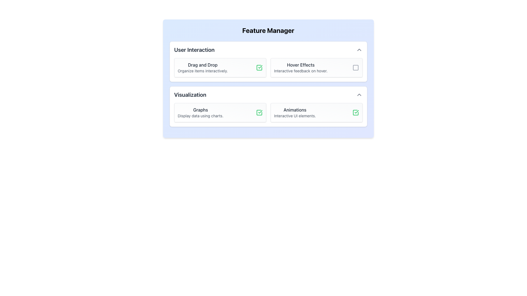 The width and height of the screenshot is (527, 296). Describe the element at coordinates (359, 50) in the screenshot. I see `the button located in the top-right corner of the 'User Interaction' section` at that location.